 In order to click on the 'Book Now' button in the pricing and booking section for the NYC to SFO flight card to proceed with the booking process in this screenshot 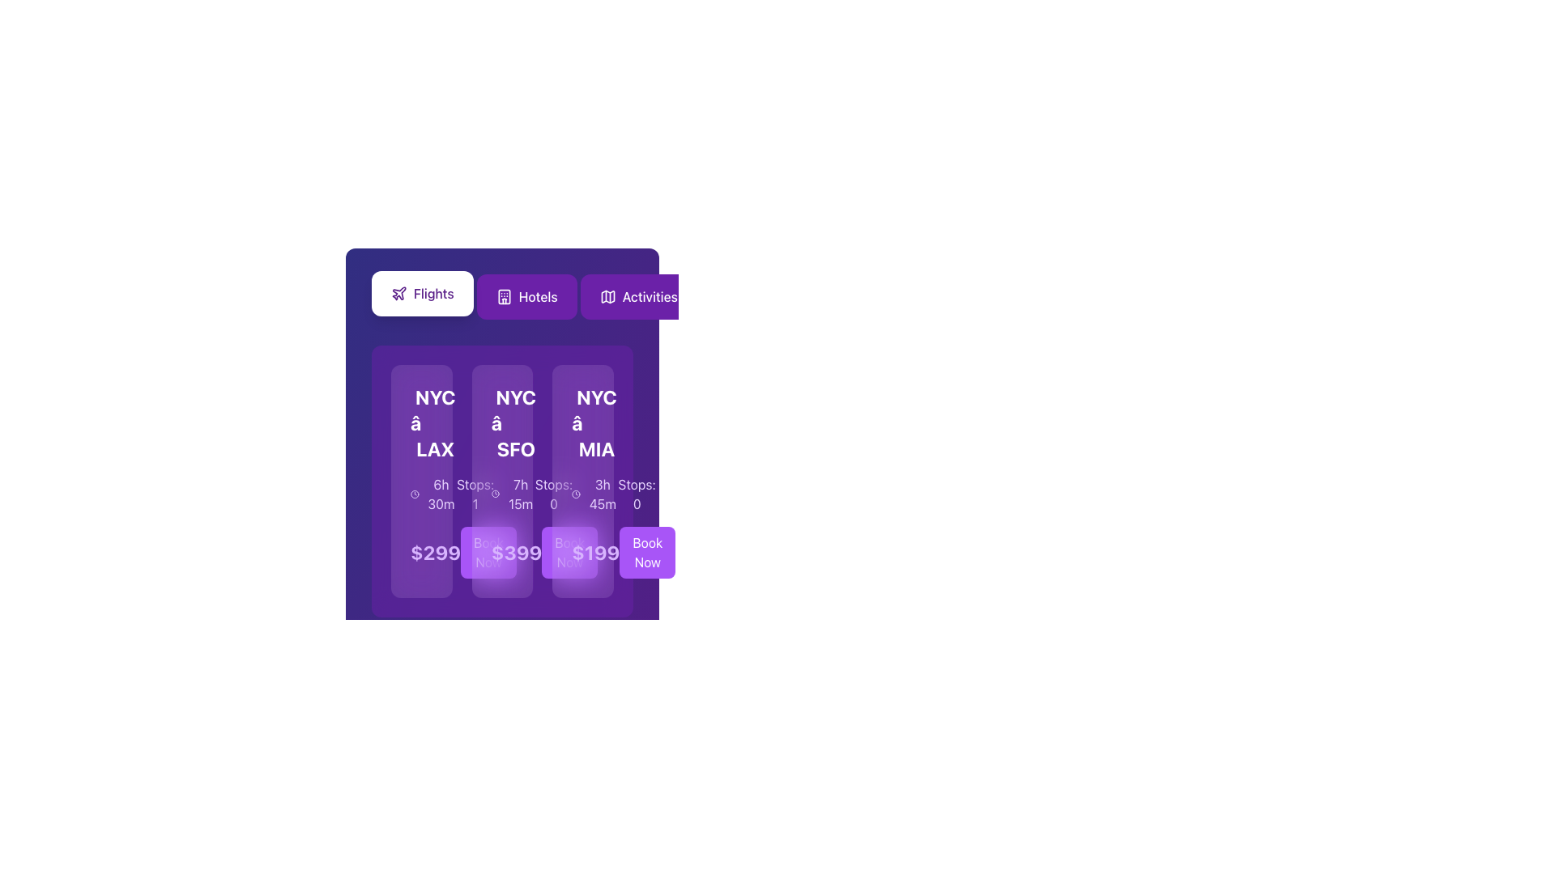, I will do `click(501, 551)`.